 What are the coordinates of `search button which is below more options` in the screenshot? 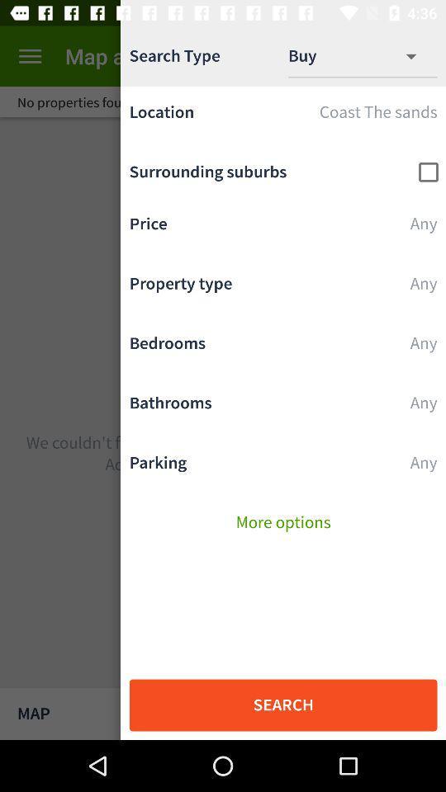 It's located at (282, 705).